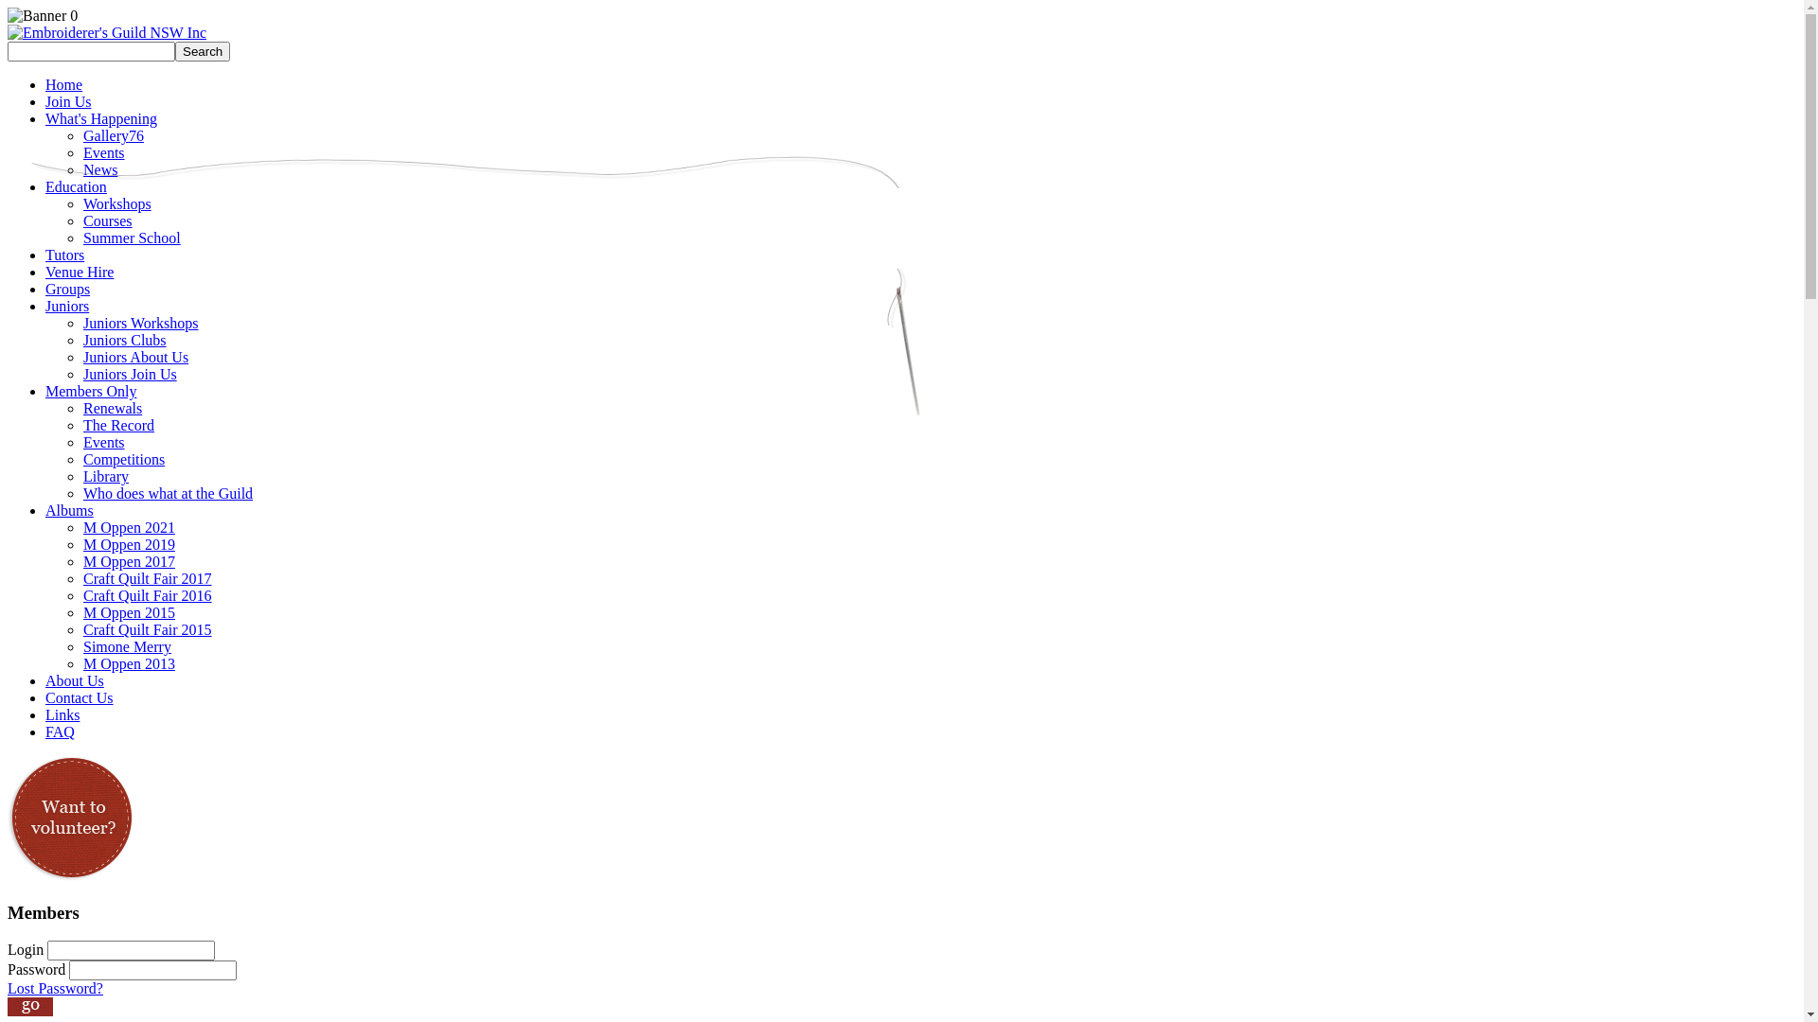 The width and height of the screenshot is (1818, 1022). What do you see at coordinates (139, 322) in the screenshot?
I see `'Juniors Workshops'` at bounding box center [139, 322].